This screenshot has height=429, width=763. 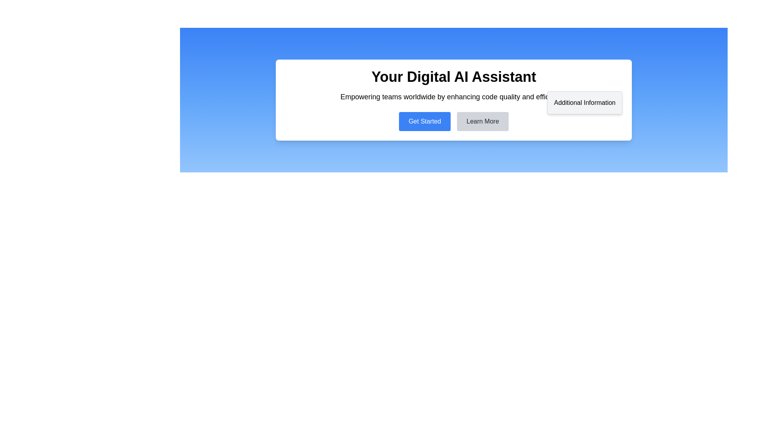 What do you see at coordinates (454, 77) in the screenshot?
I see `the heading or title text element, which serves as the primary title of the platform, positioned directly above the subheading 'Empowering teams worldwide by enhancing code quality and efficiency.'` at bounding box center [454, 77].